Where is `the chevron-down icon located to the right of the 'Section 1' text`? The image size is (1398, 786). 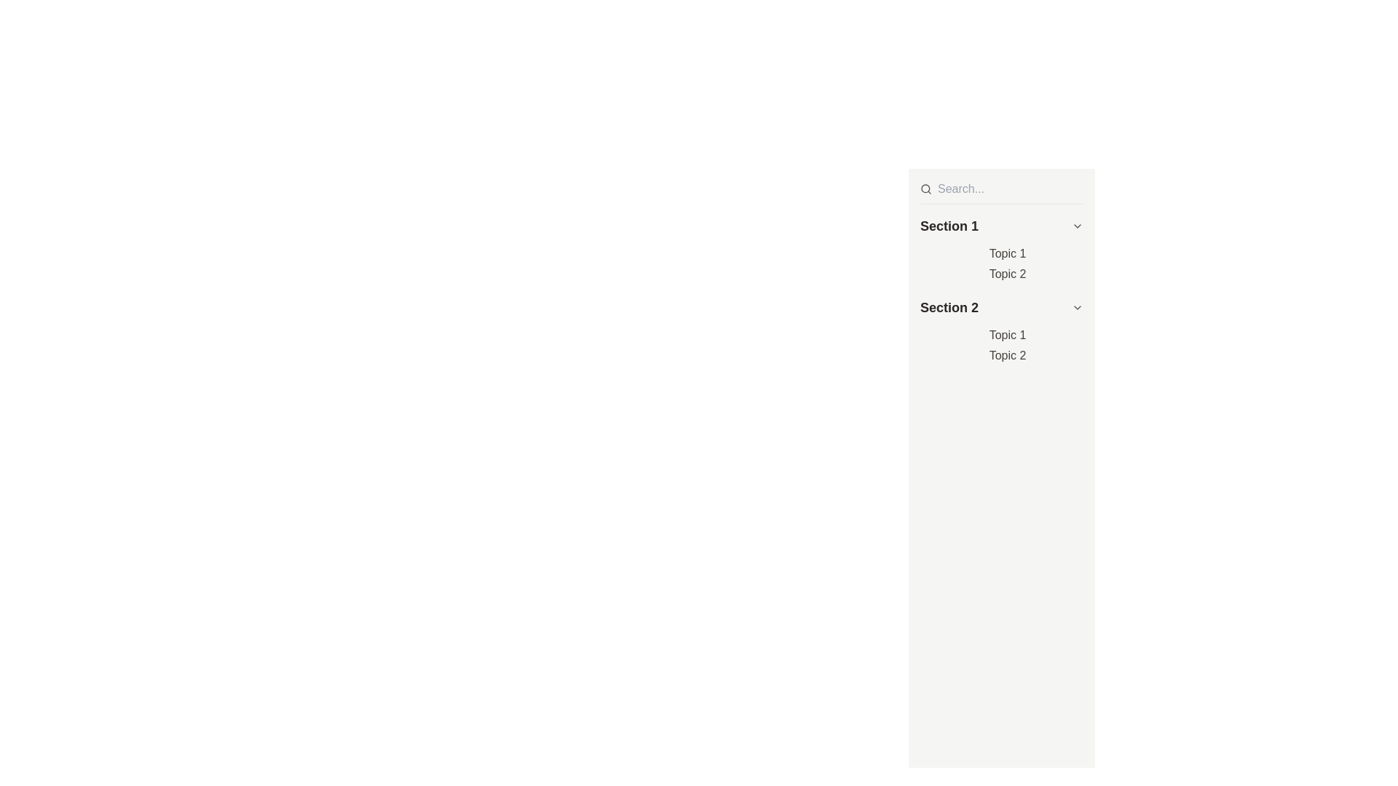
the chevron-down icon located to the right of the 'Section 1' text is located at coordinates (1077, 226).